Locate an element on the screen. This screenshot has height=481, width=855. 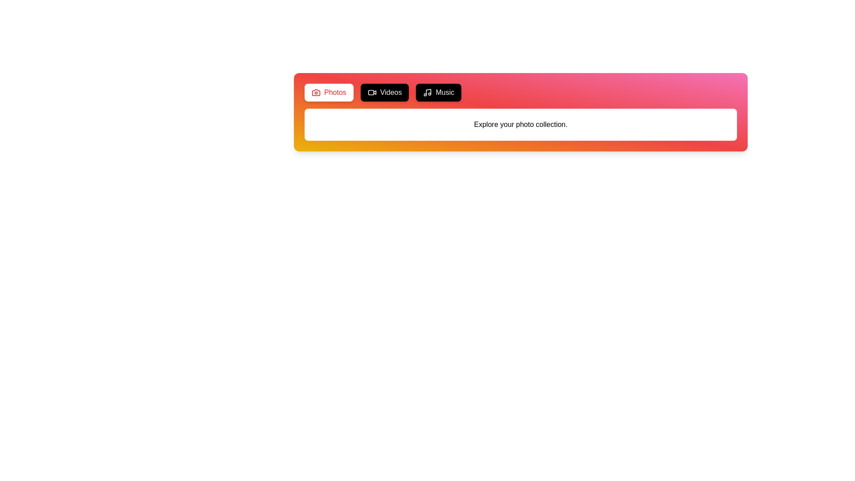
the Videos tab to view its content is located at coordinates (385, 93).